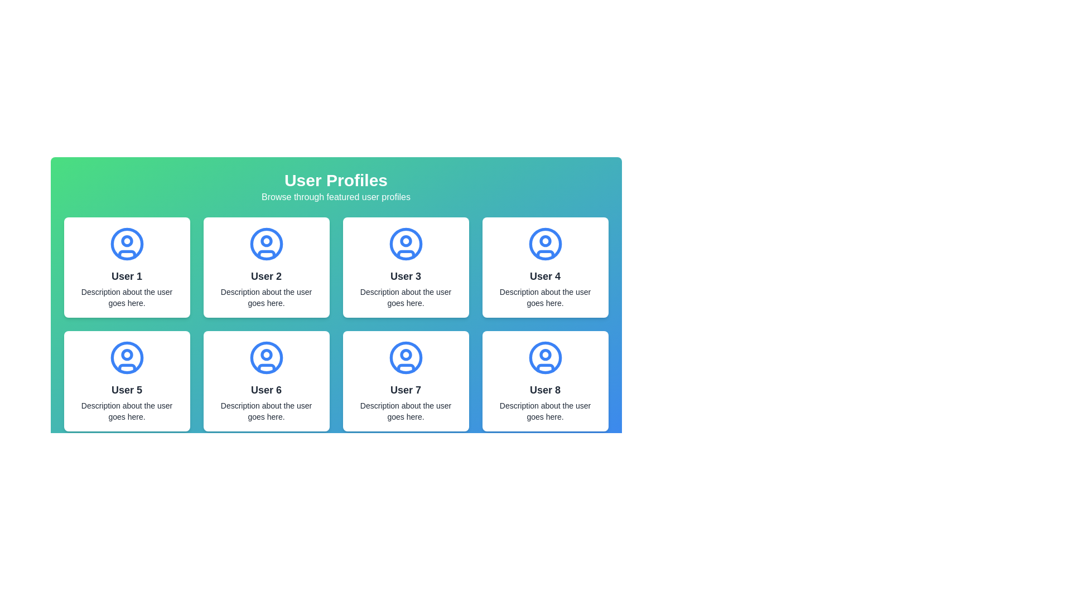  I want to click on the text block displaying 'User Profiles' and 'Browse through featured user profiles' which is centrally positioned above the user profile grid, so click(335, 186).